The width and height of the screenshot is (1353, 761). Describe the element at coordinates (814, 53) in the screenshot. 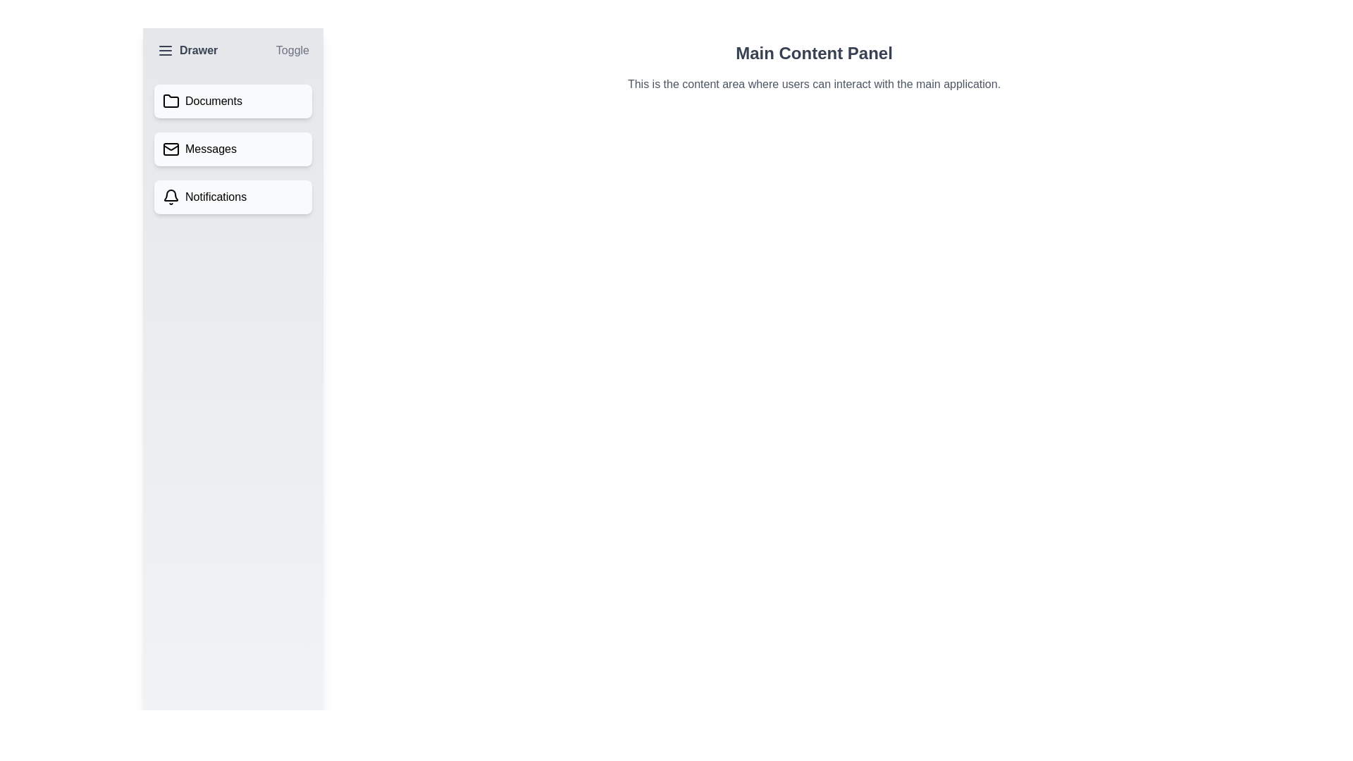

I see `the heading text label displaying 'Main Content Panel', which is prominently styled in large bold text and located at the top center of the content area` at that location.